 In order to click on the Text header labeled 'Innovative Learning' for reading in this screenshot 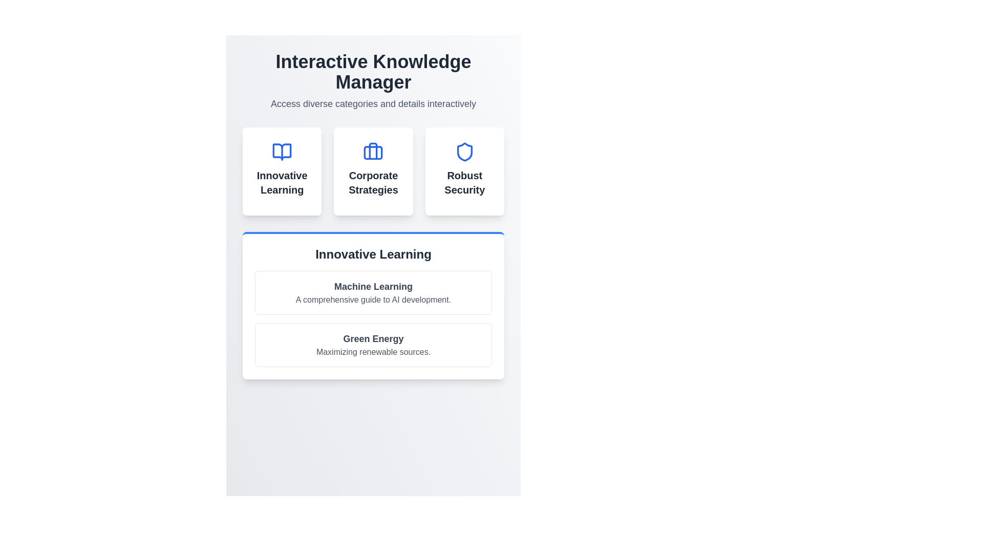, I will do `click(373, 254)`.